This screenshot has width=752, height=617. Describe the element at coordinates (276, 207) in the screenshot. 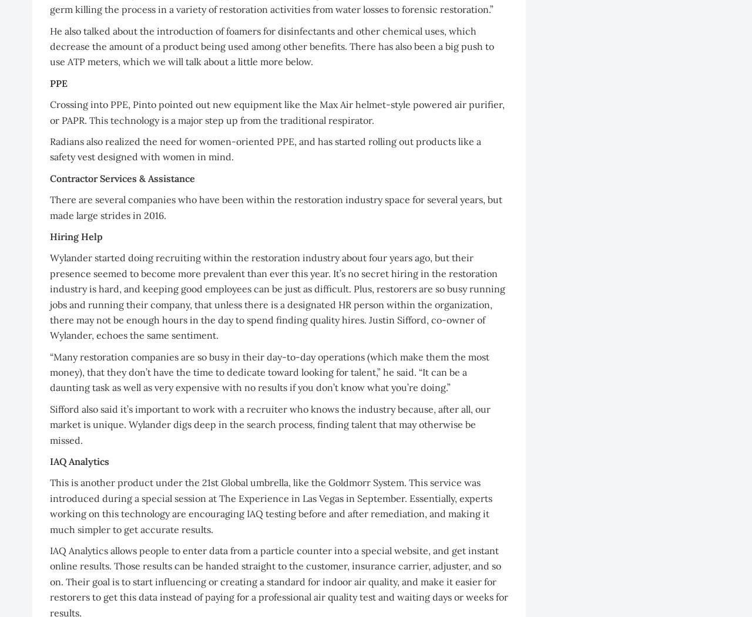

I see `'There are several companies who have been within the restoration industry space for several years, but made large strides in 2016.'` at that location.